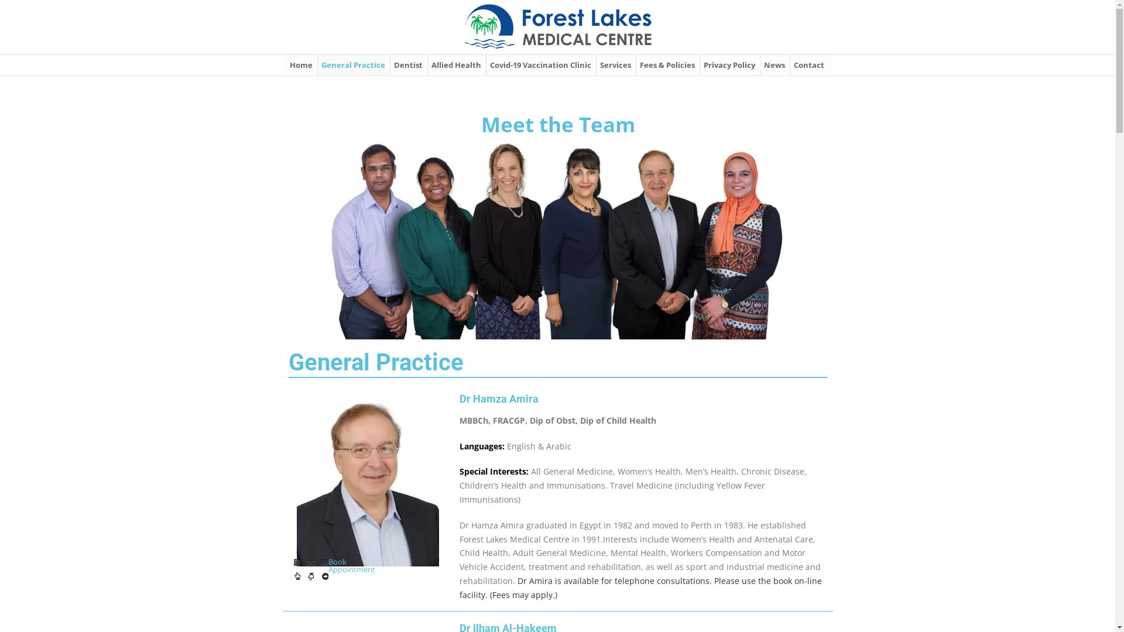 This screenshot has height=632, width=1124. I want to click on 'Book Appointment', so click(310, 577).